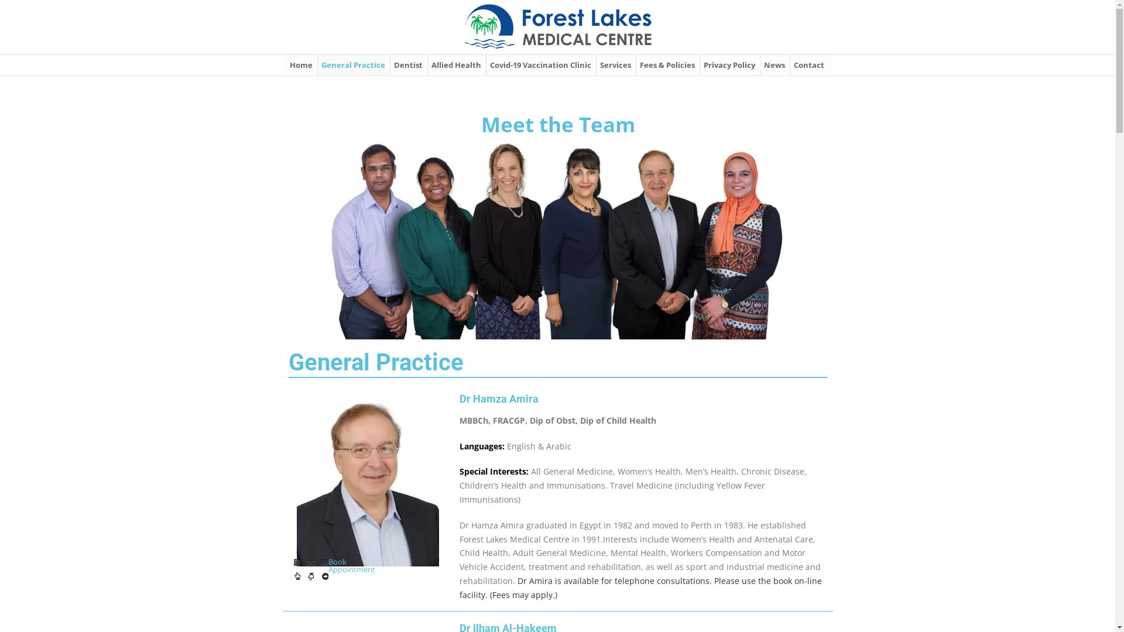 This screenshot has height=632, width=1124. I want to click on 'Book Appointment', so click(310, 577).